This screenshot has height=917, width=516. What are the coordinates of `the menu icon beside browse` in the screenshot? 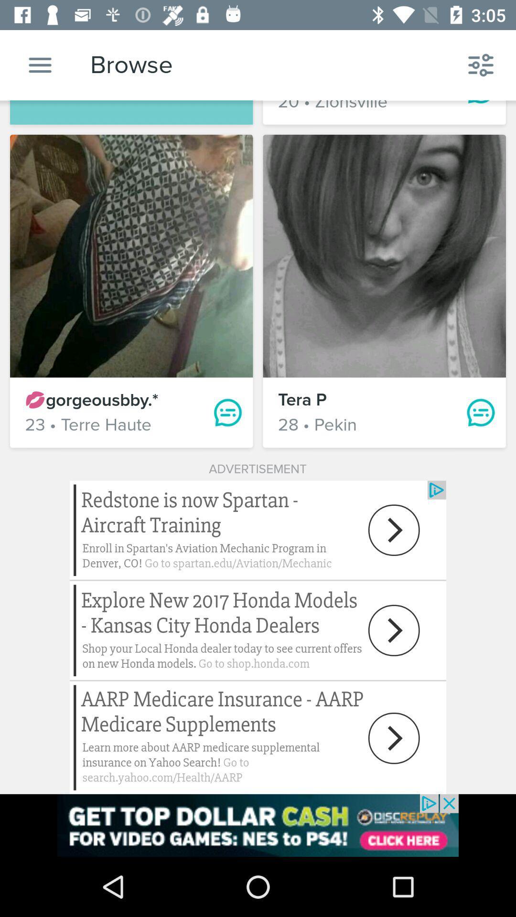 It's located at (40, 64).